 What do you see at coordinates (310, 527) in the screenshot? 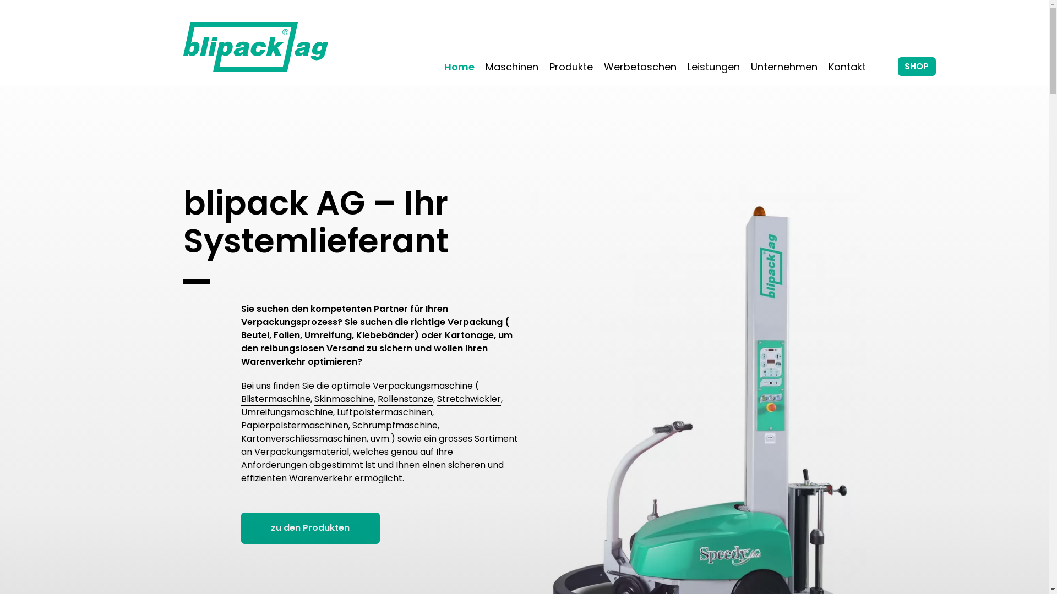
I see `'zu den Produkten'` at bounding box center [310, 527].